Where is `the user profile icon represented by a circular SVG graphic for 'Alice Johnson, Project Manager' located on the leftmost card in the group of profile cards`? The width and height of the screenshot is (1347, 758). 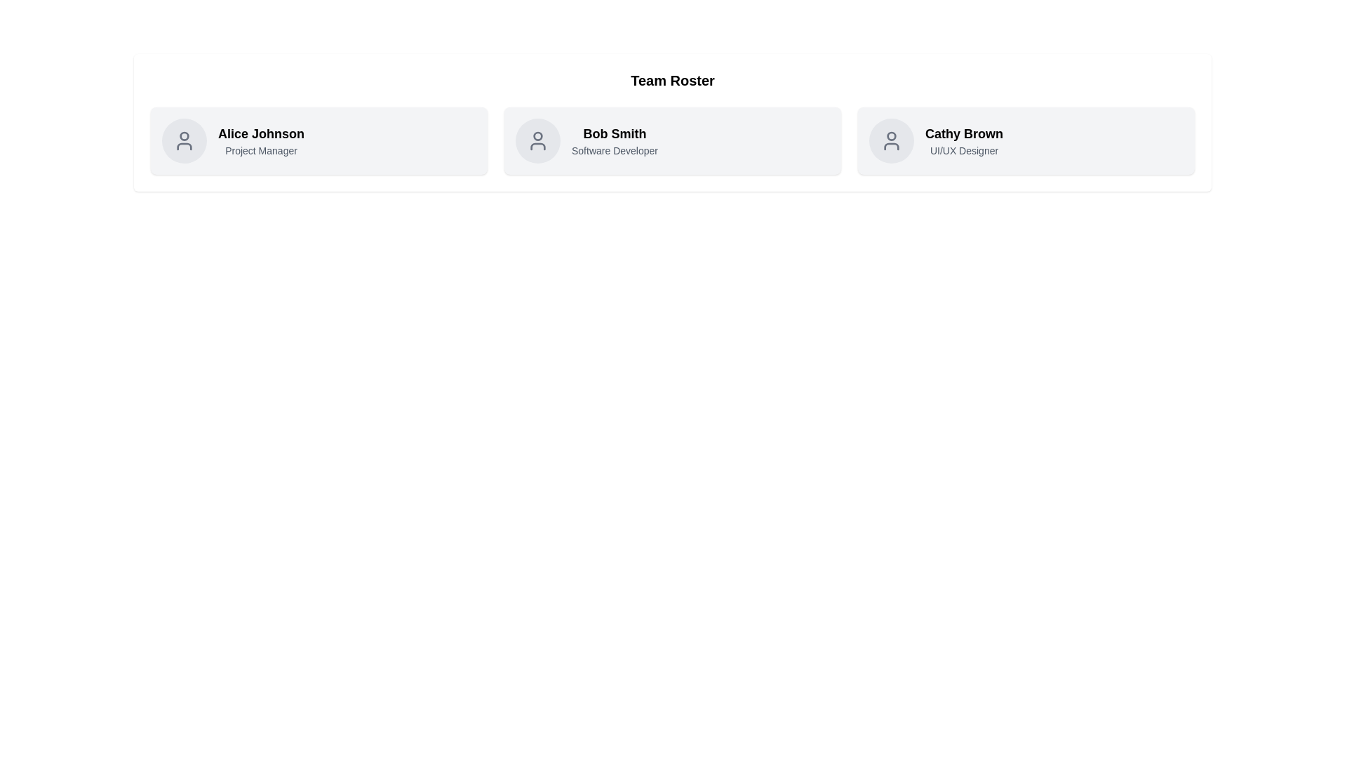 the user profile icon represented by a circular SVG graphic for 'Alice Johnson, Project Manager' located on the leftmost card in the group of profile cards is located at coordinates (184, 140).